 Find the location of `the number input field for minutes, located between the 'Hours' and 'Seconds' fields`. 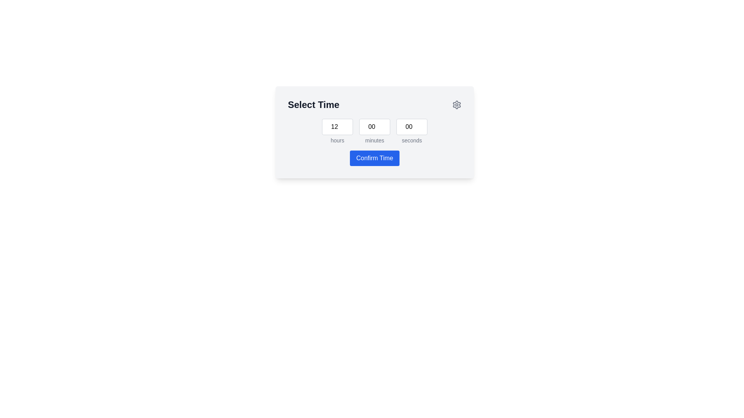

the number input field for minutes, located between the 'Hours' and 'Seconds' fields is located at coordinates (374, 126).